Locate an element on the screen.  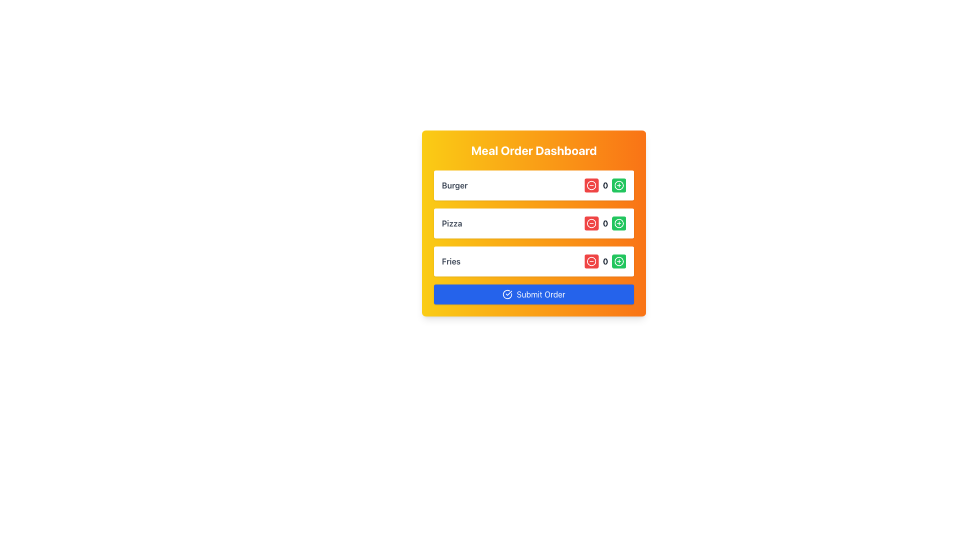
the static text label displaying the word 'Burger', which is in bold and medium-sized dark gray font, located at the left side of the first item in a vertical list of order options is located at coordinates (454, 185).